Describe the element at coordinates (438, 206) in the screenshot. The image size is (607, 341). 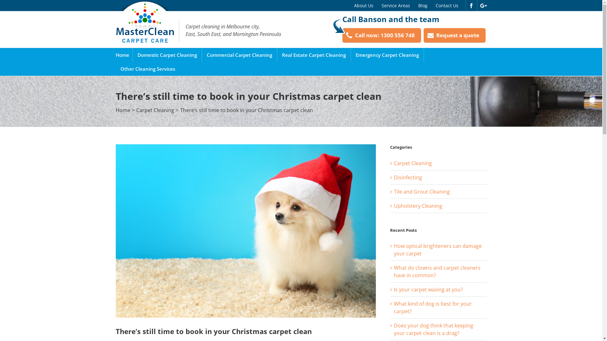
I see `'Upholstery Cleaning'` at that location.